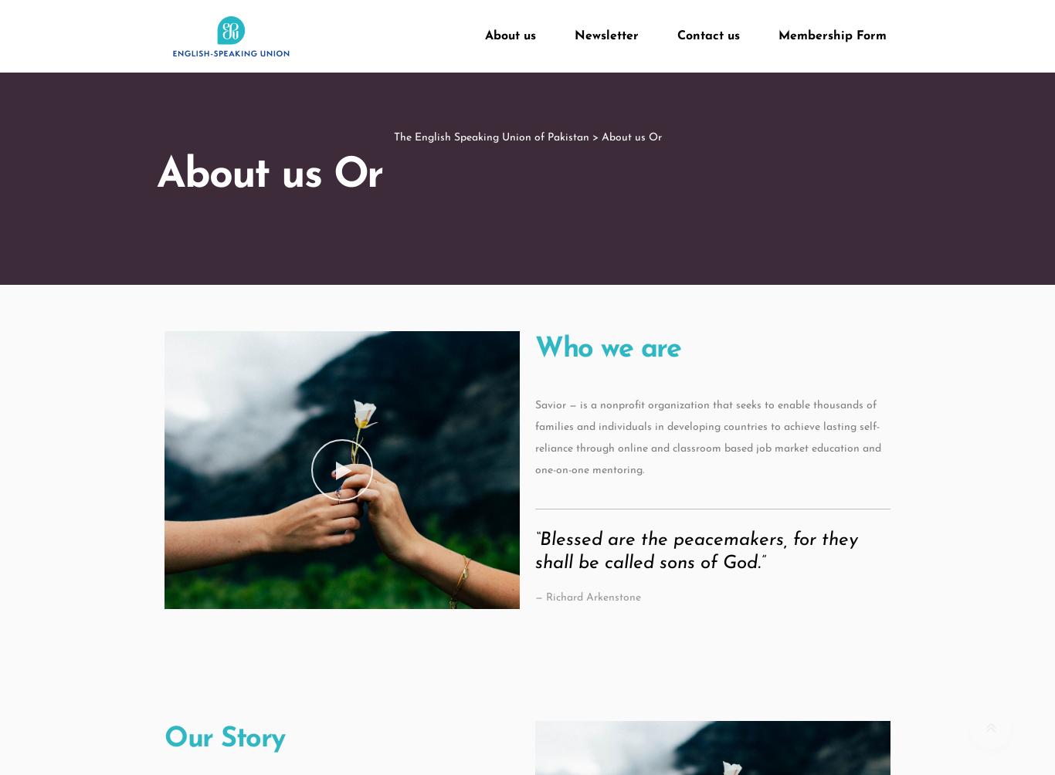 Image resolution: width=1055 pixels, height=775 pixels. Describe the element at coordinates (832, 36) in the screenshot. I see `'Membership Form'` at that location.